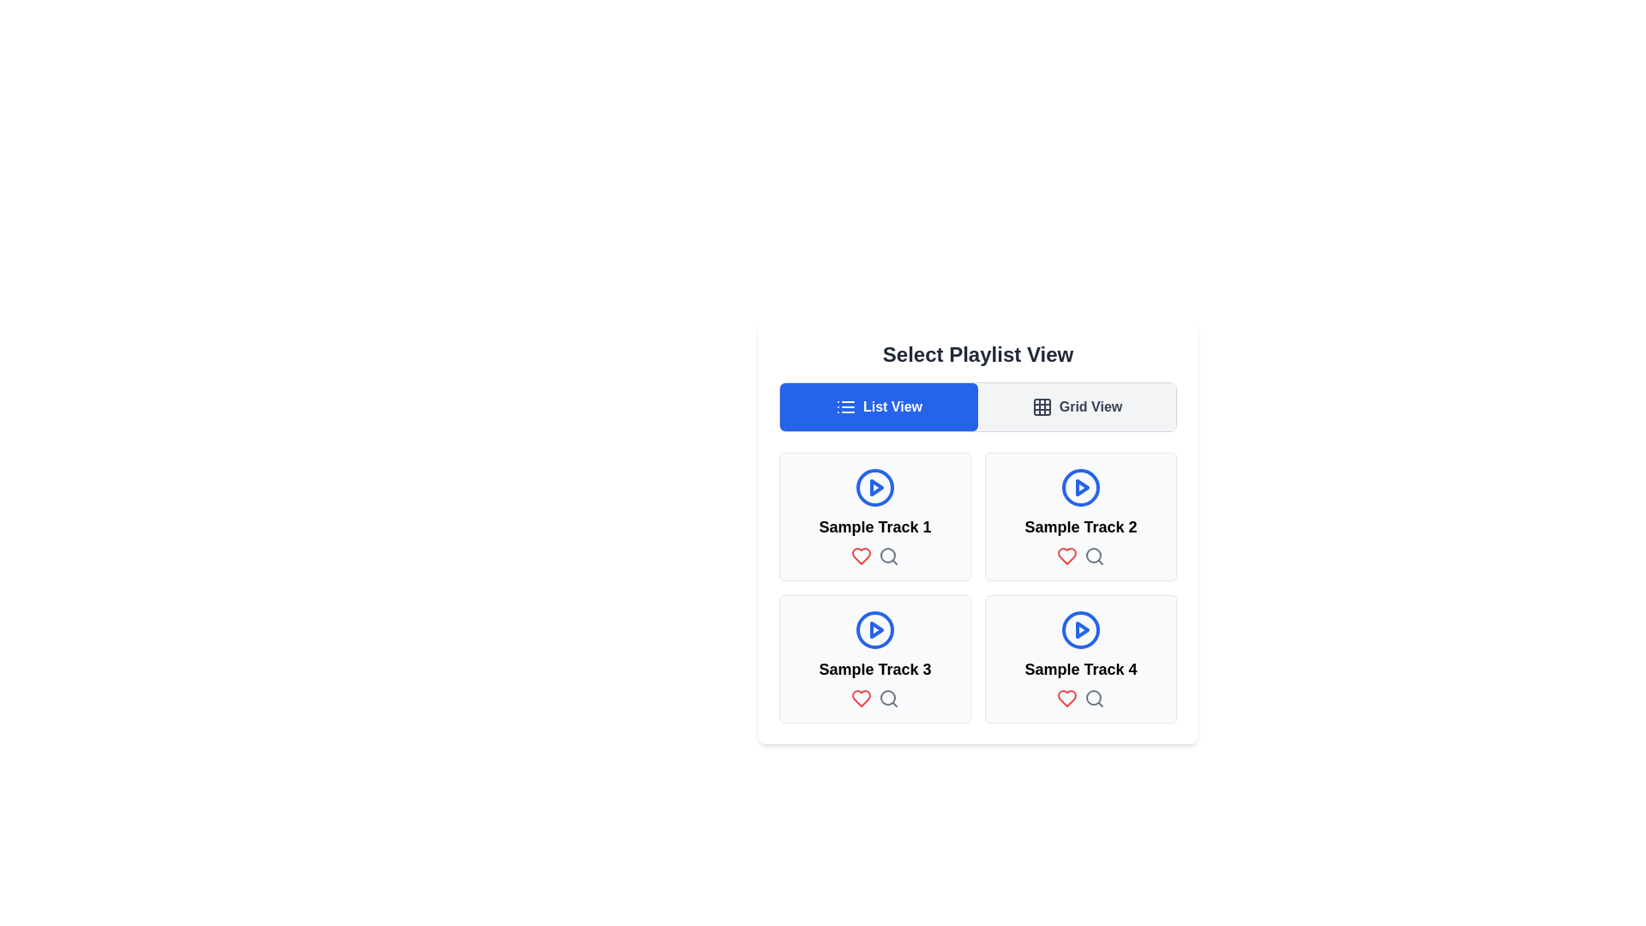  I want to click on the circular Vector Graphic Element (Circle SVG) outlined with a blue stroke and filled with a white background, located inside the play button icon in the 'Sample Track 1' grid cell, so click(875, 488).